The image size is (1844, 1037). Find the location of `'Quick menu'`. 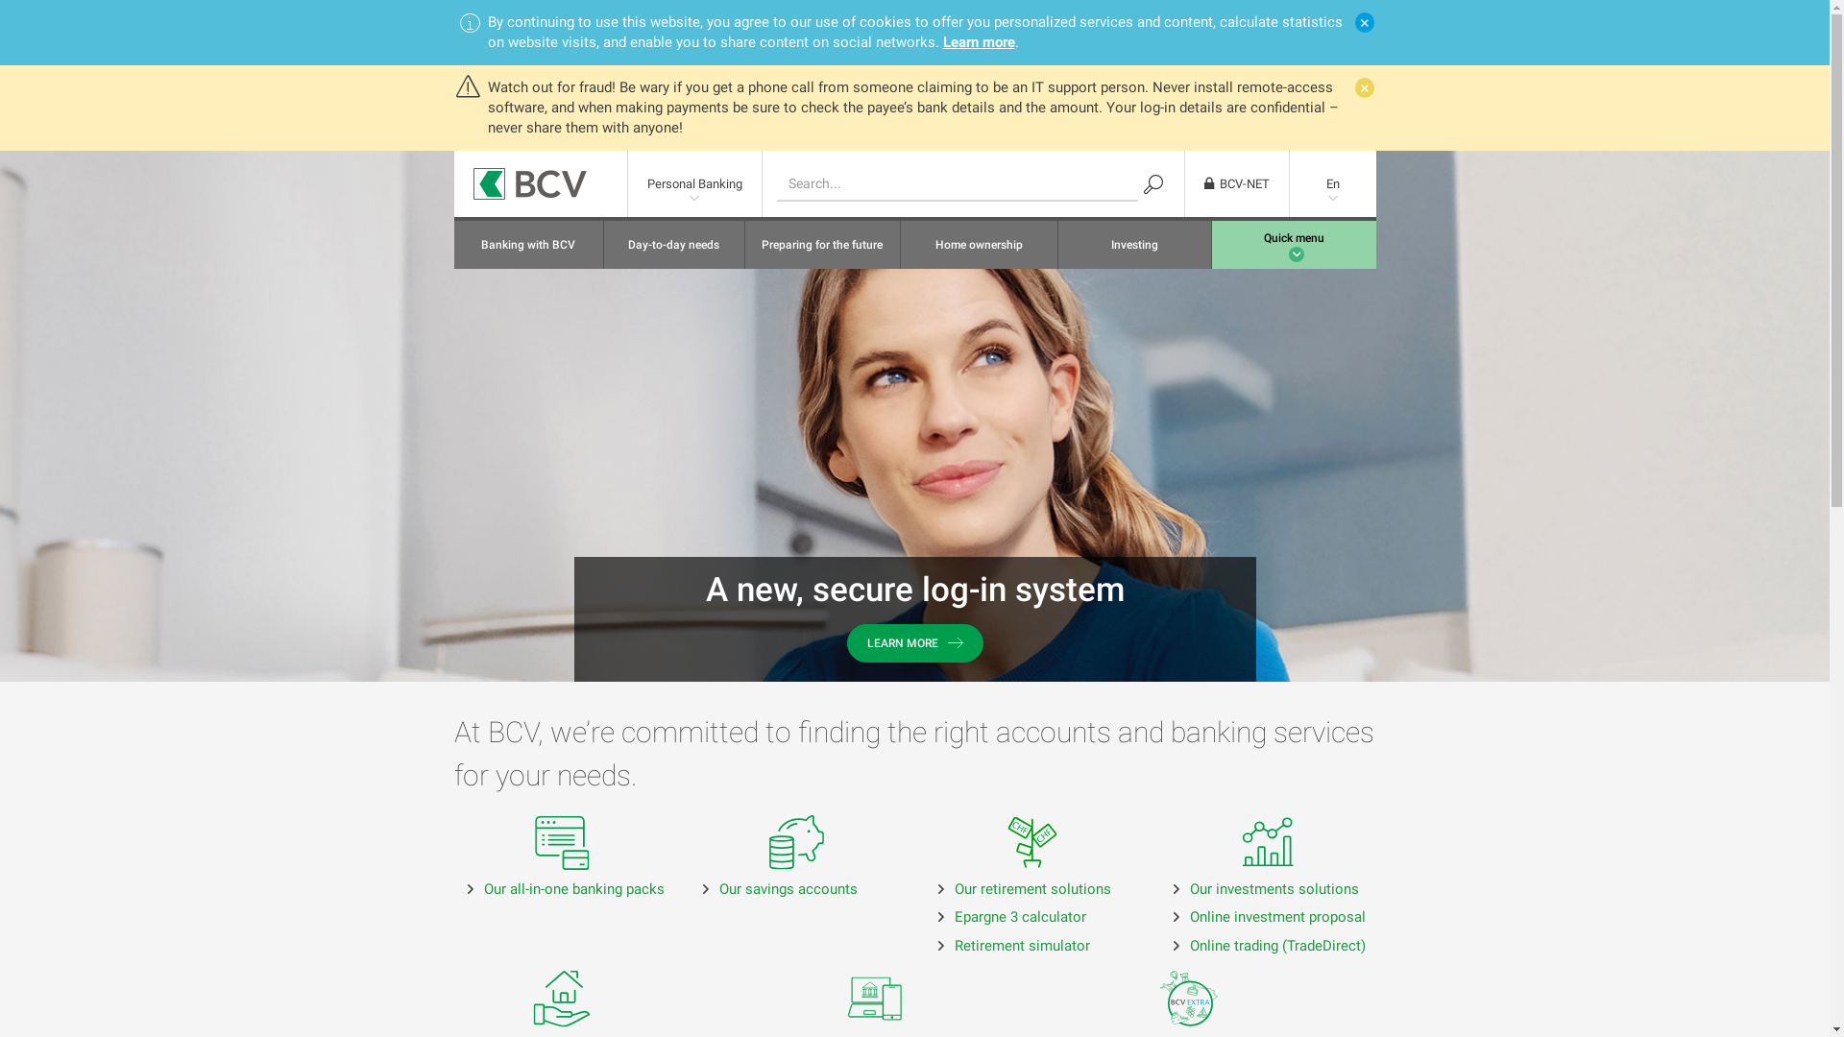

'Quick menu' is located at coordinates (1211, 243).